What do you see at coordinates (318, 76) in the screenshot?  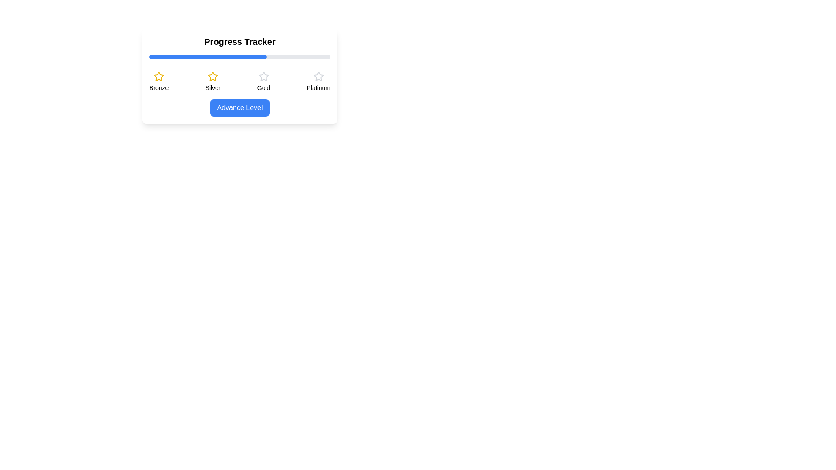 I see `the third star icon from the left` at bounding box center [318, 76].